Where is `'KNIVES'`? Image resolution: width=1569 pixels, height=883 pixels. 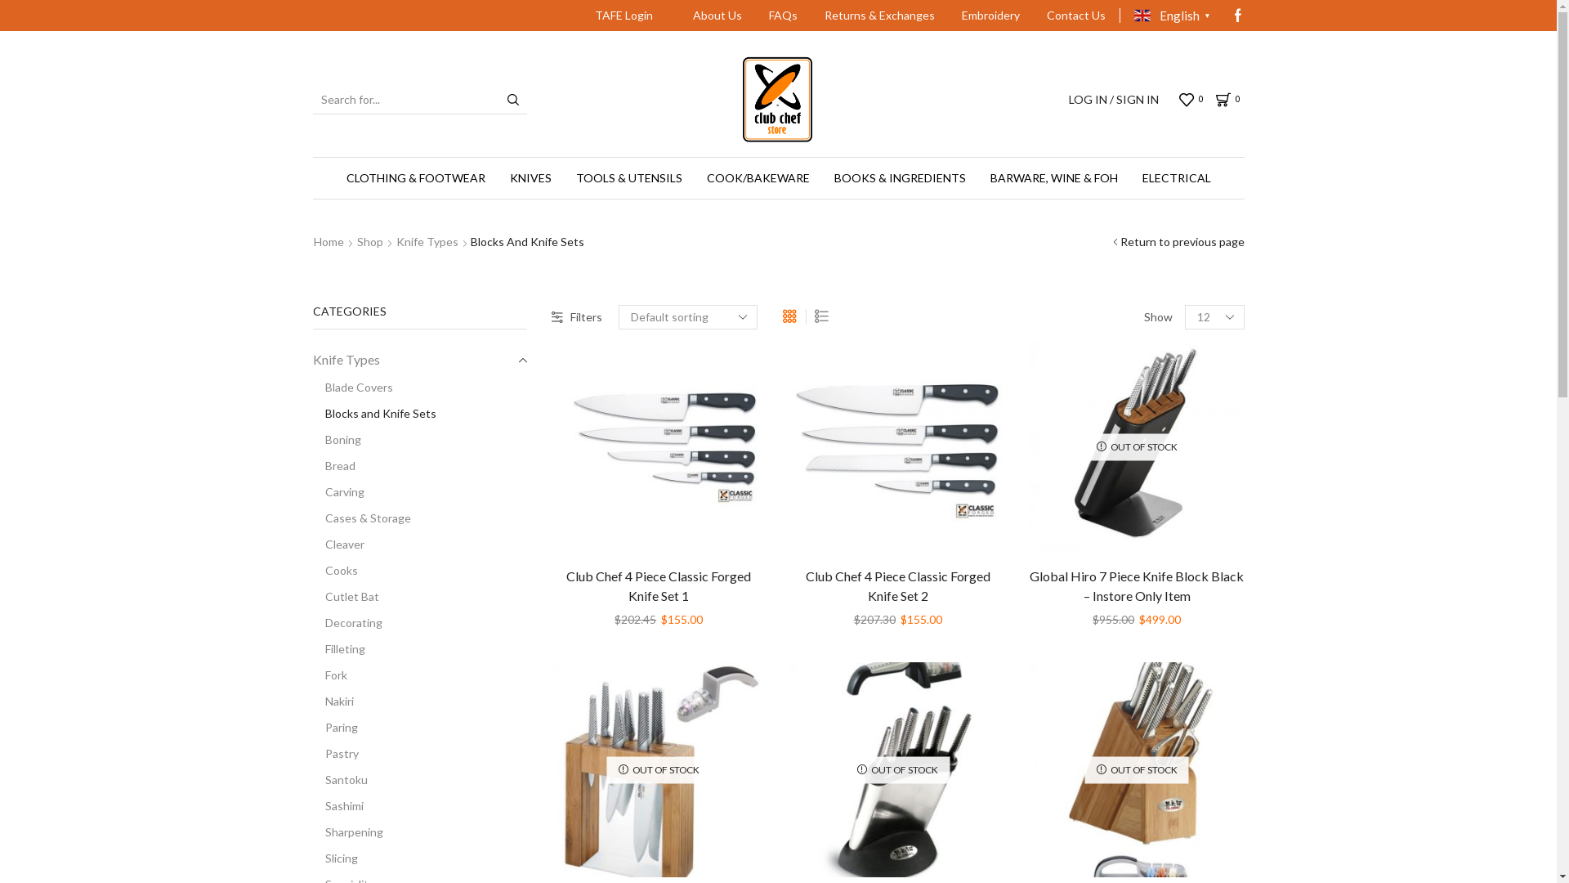 'KNIVES' is located at coordinates (530, 178).